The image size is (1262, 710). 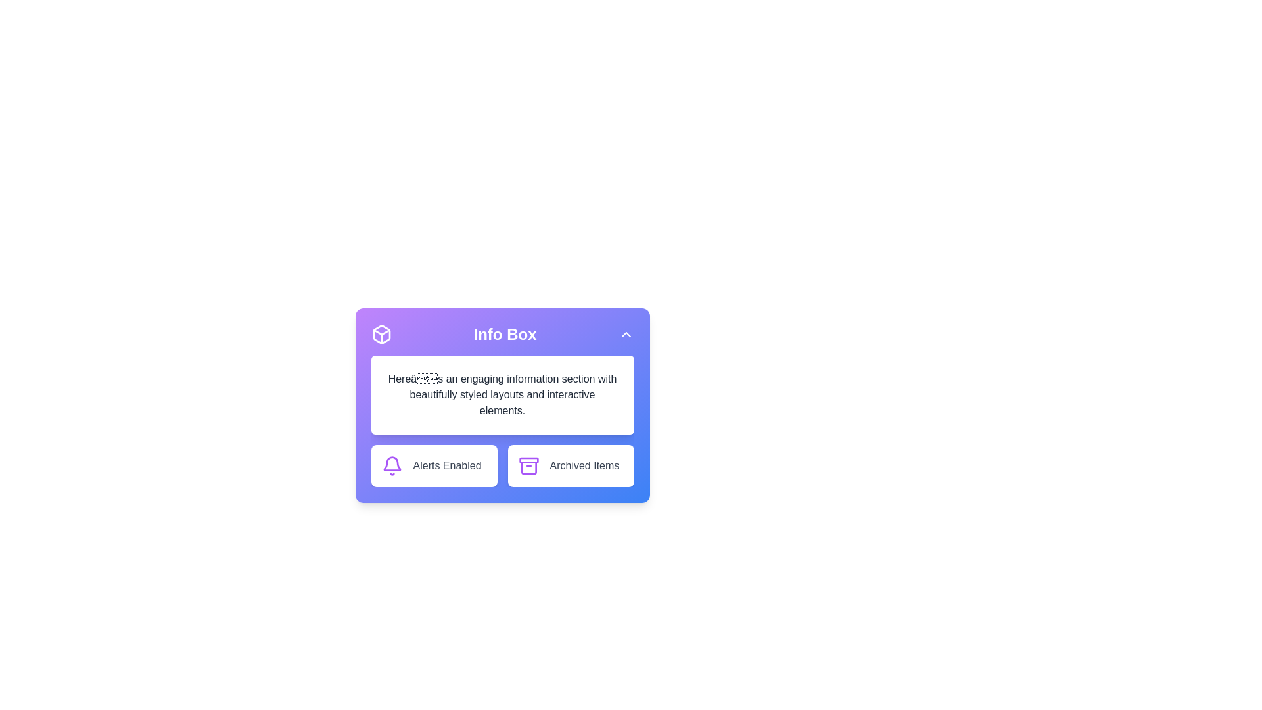 I want to click on on the chevron arrow button located at the top-right corner of the 'Info Box' section, so click(x=625, y=334).